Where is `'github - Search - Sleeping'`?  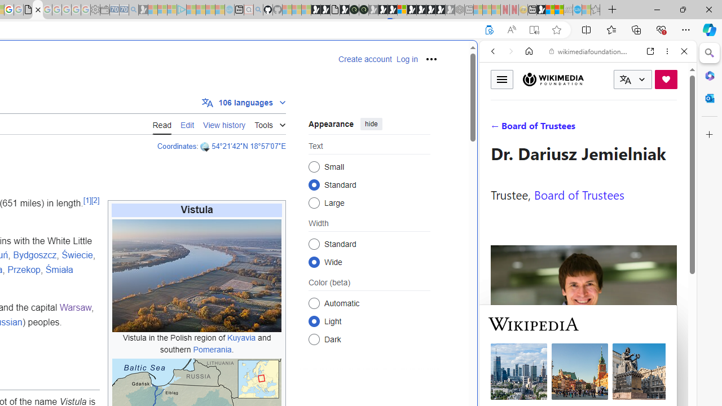
'github - Search - Sleeping' is located at coordinates (258, 10).